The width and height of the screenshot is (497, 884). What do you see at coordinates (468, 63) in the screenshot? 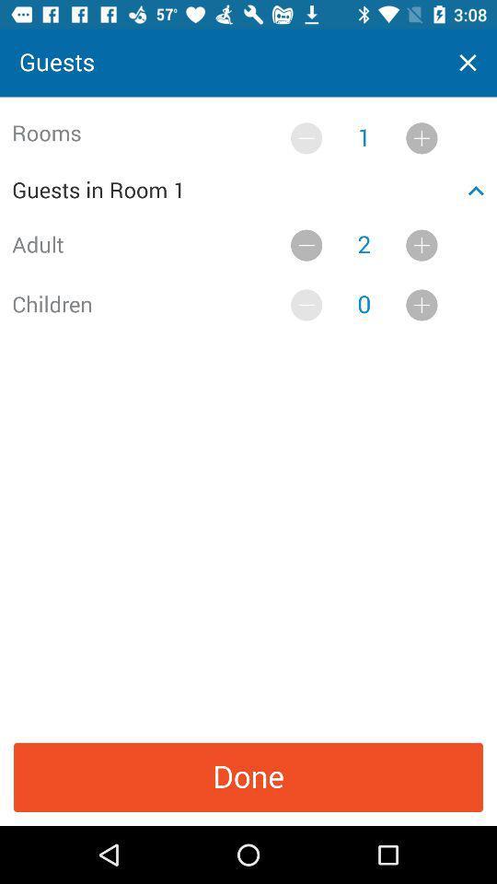
I see `this page` at bounding box center [468, 63].